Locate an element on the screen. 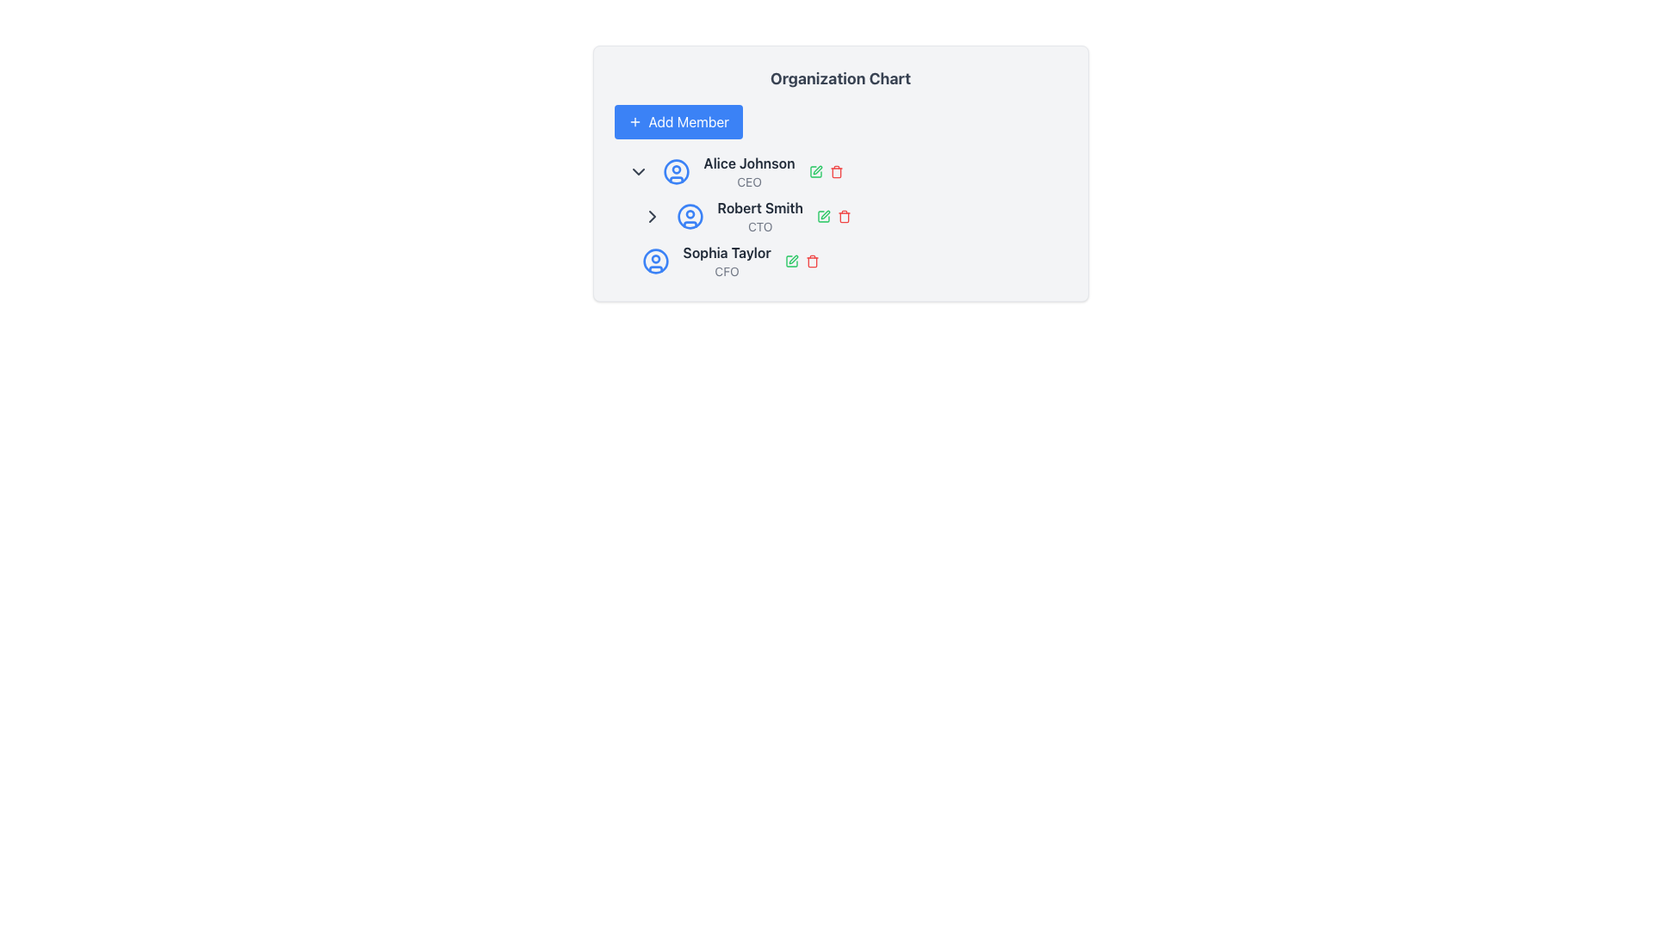 The height and width of the screenshot is (929, 1653). the green edit icon located next to 'Robert Smith' in the organizational chart is located at coordinates (814, 172).